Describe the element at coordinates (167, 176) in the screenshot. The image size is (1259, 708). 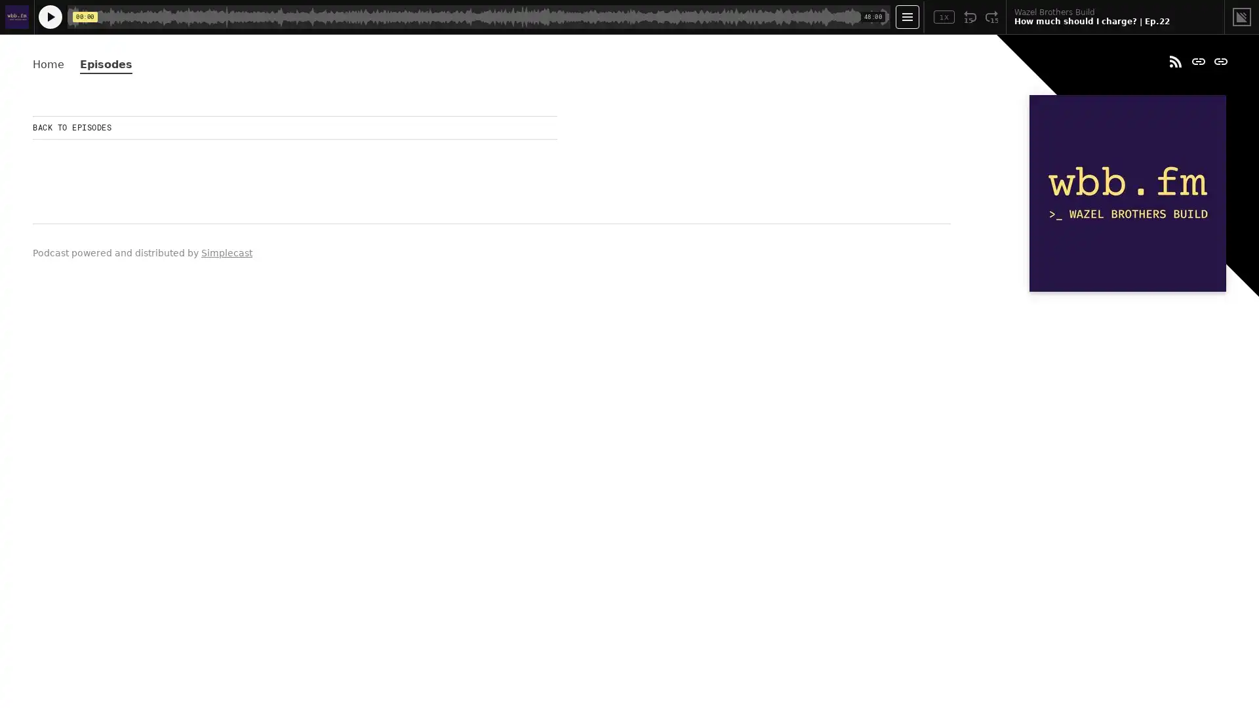
I see `Play` at that location.